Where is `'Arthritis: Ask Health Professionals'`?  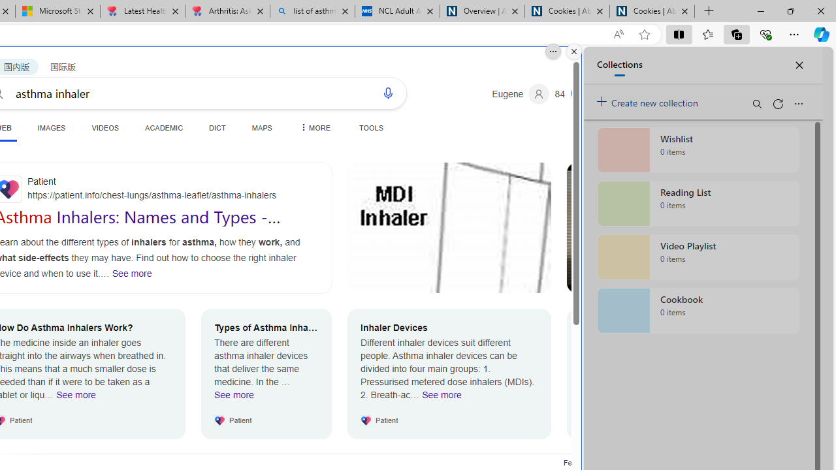 'Arthritis: Ask Health Professionals' is located at coordinates (227, 11).